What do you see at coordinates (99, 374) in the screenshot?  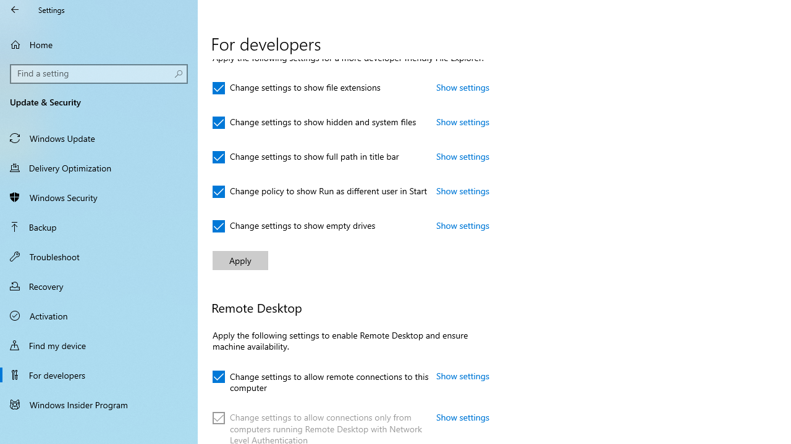 I see `'For developers'` at bounding box center [99, 374].